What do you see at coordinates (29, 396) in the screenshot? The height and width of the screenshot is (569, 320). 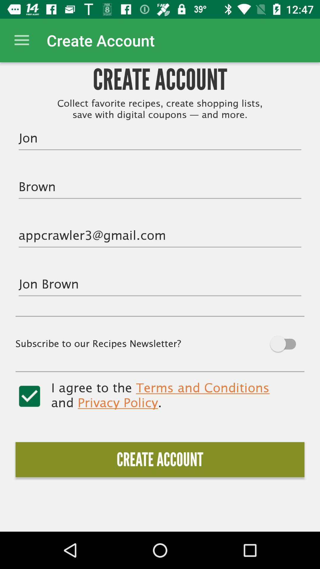 I see `toggle` at bounding box center [29, 396].